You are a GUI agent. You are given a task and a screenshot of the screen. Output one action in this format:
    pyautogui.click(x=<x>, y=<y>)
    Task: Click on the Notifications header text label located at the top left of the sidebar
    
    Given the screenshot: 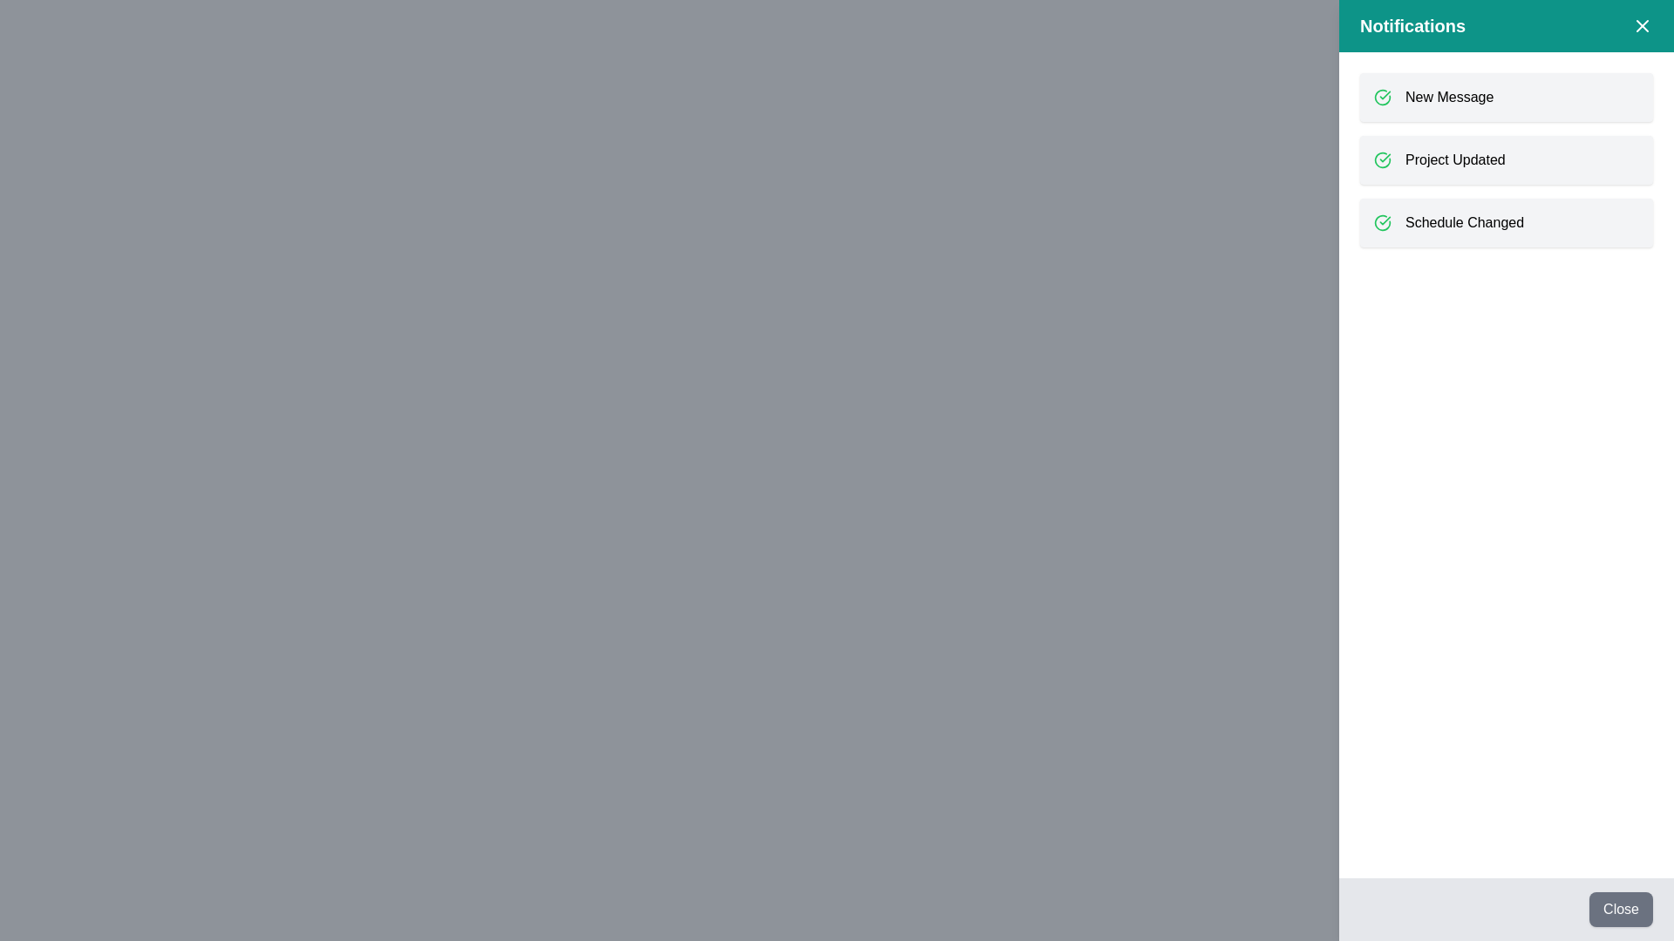 What is the action you would take?
    pyautogui.click(x=1412, y=26)
    